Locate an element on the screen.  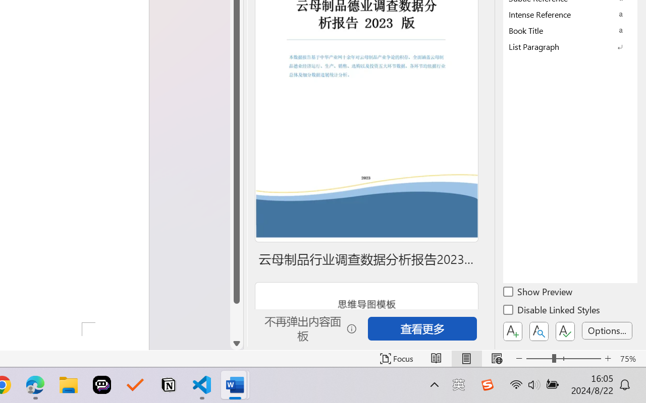
'Book Title' is located at coordinates (570, 30).